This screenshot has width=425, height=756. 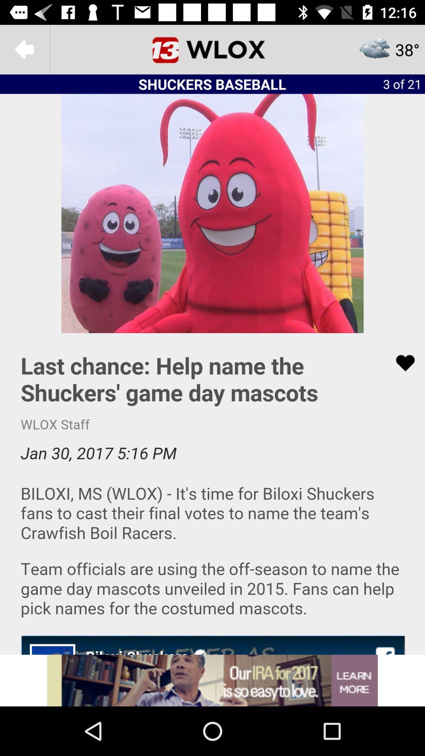 I want to click on click advertisement, so click(x=213, y=680).